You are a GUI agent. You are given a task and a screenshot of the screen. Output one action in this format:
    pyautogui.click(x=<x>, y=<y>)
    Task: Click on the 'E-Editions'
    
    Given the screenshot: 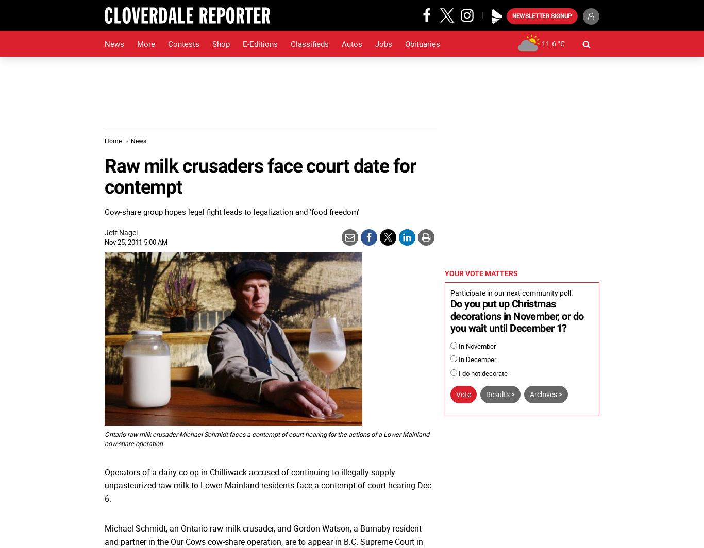 What is the action you would take?
    pyautogui.click(x=260, y=44)
    